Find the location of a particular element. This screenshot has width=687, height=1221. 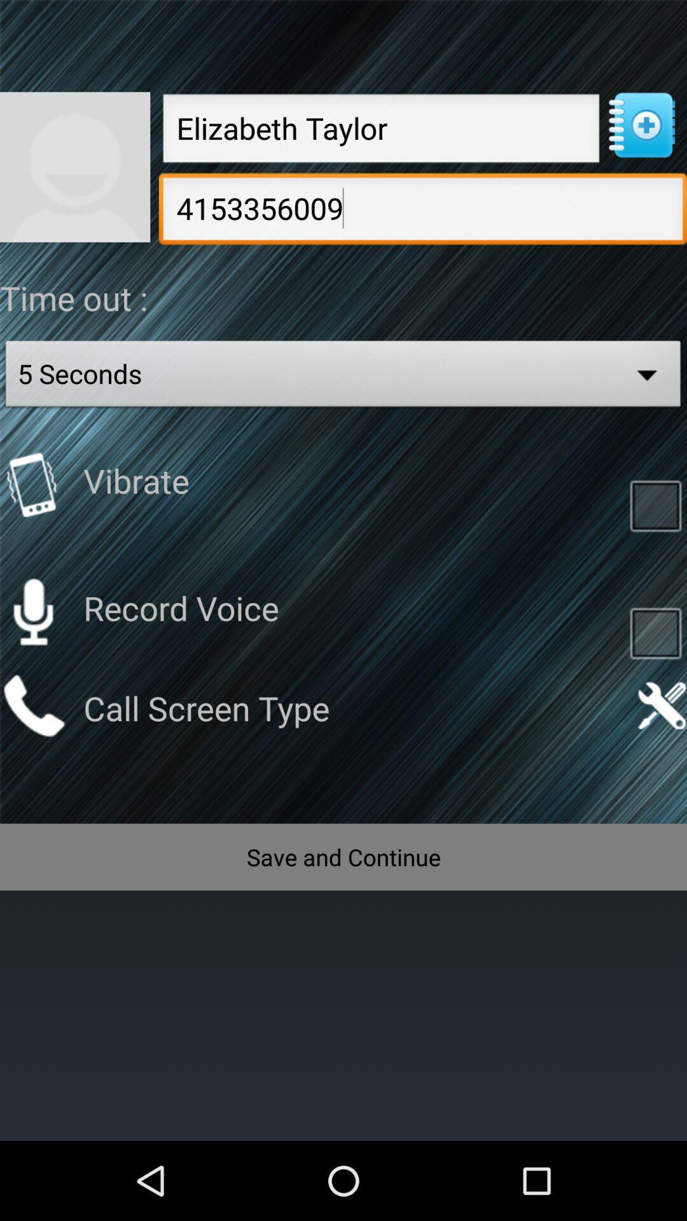

picture is located at coordinates (75, 166).